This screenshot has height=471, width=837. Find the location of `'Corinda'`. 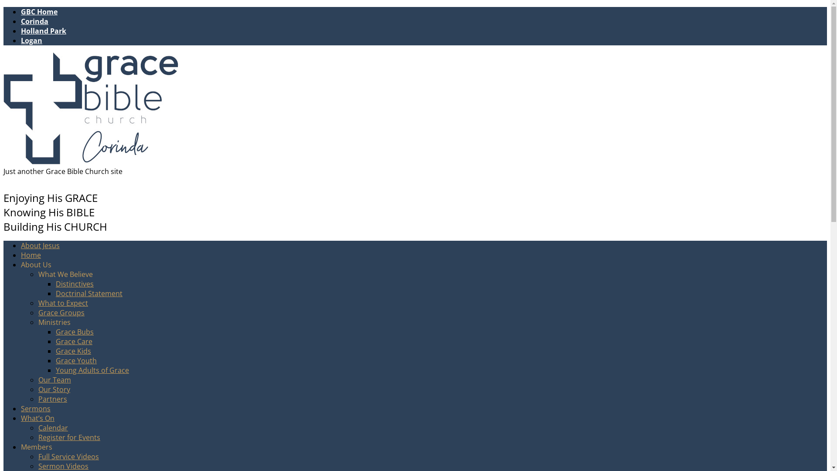

'Corinda' is located at coordinates (21, 21).